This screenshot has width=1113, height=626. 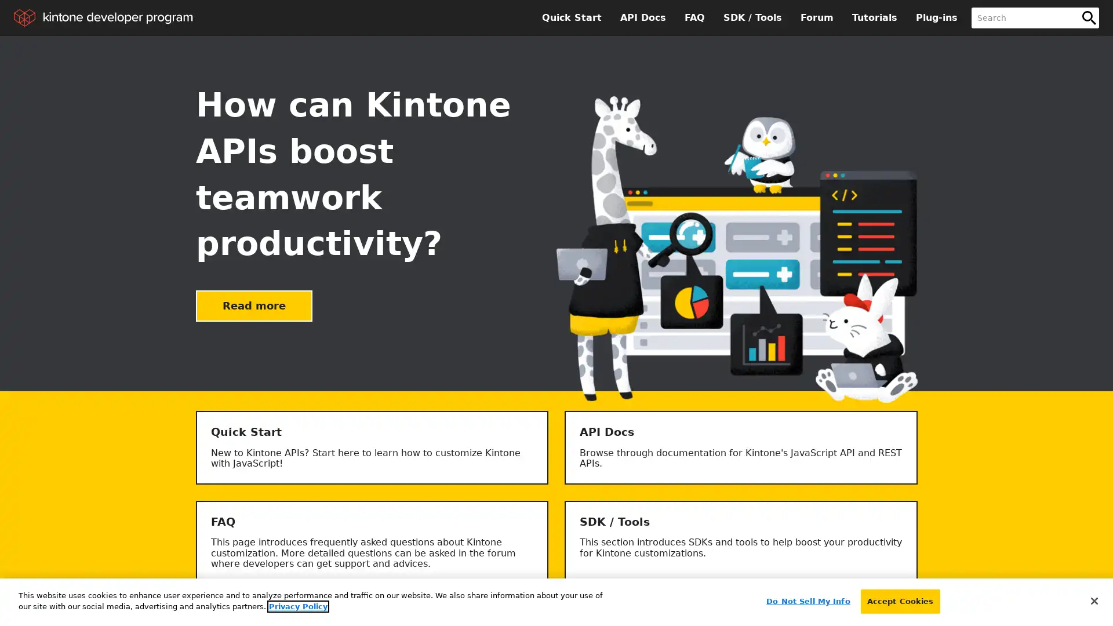 I want to click on Accept Cookies, so click(x=899, y=600).